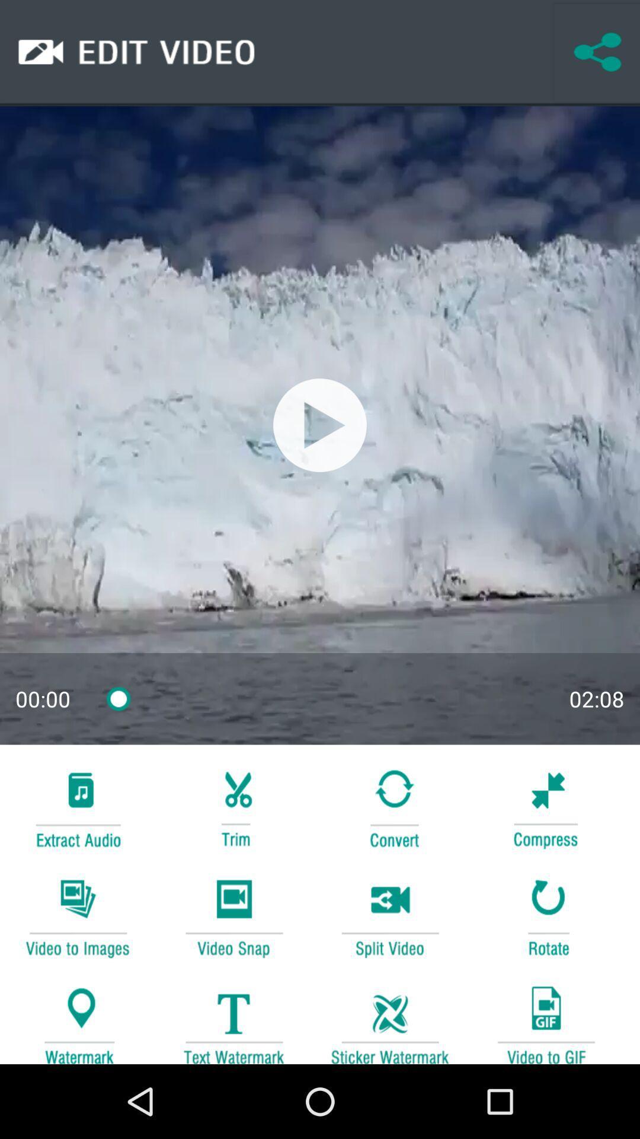 Image resolution: width=640 pixels, height=1139 pixels. Describe the element at coordinates (78, 807) in the screenshot. I see `extract the audio play` at that location.